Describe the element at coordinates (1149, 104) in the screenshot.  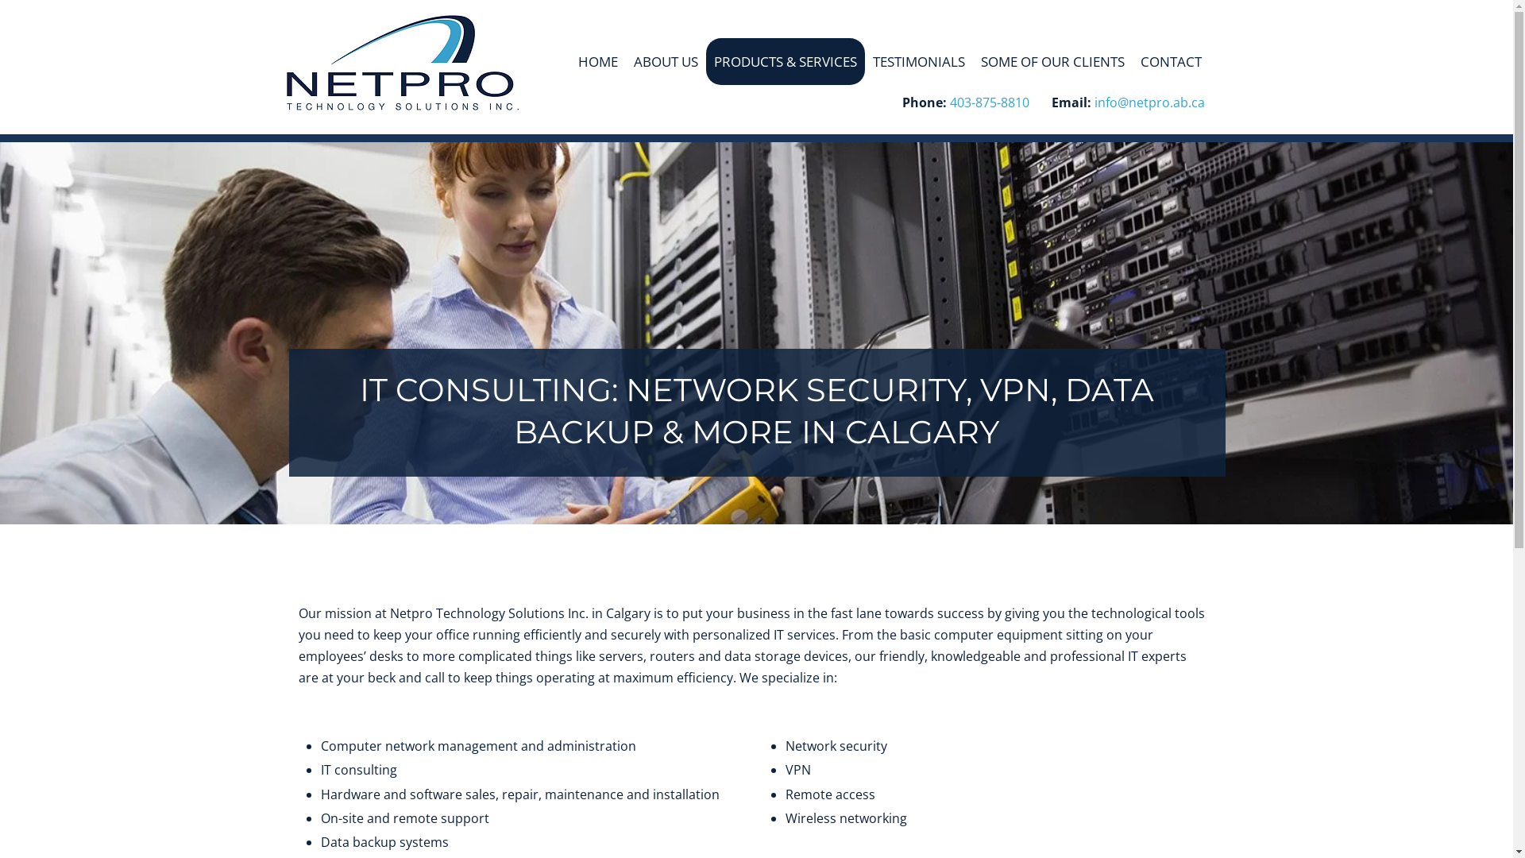
I see `'info@netpro.ab.ca'` at that location.